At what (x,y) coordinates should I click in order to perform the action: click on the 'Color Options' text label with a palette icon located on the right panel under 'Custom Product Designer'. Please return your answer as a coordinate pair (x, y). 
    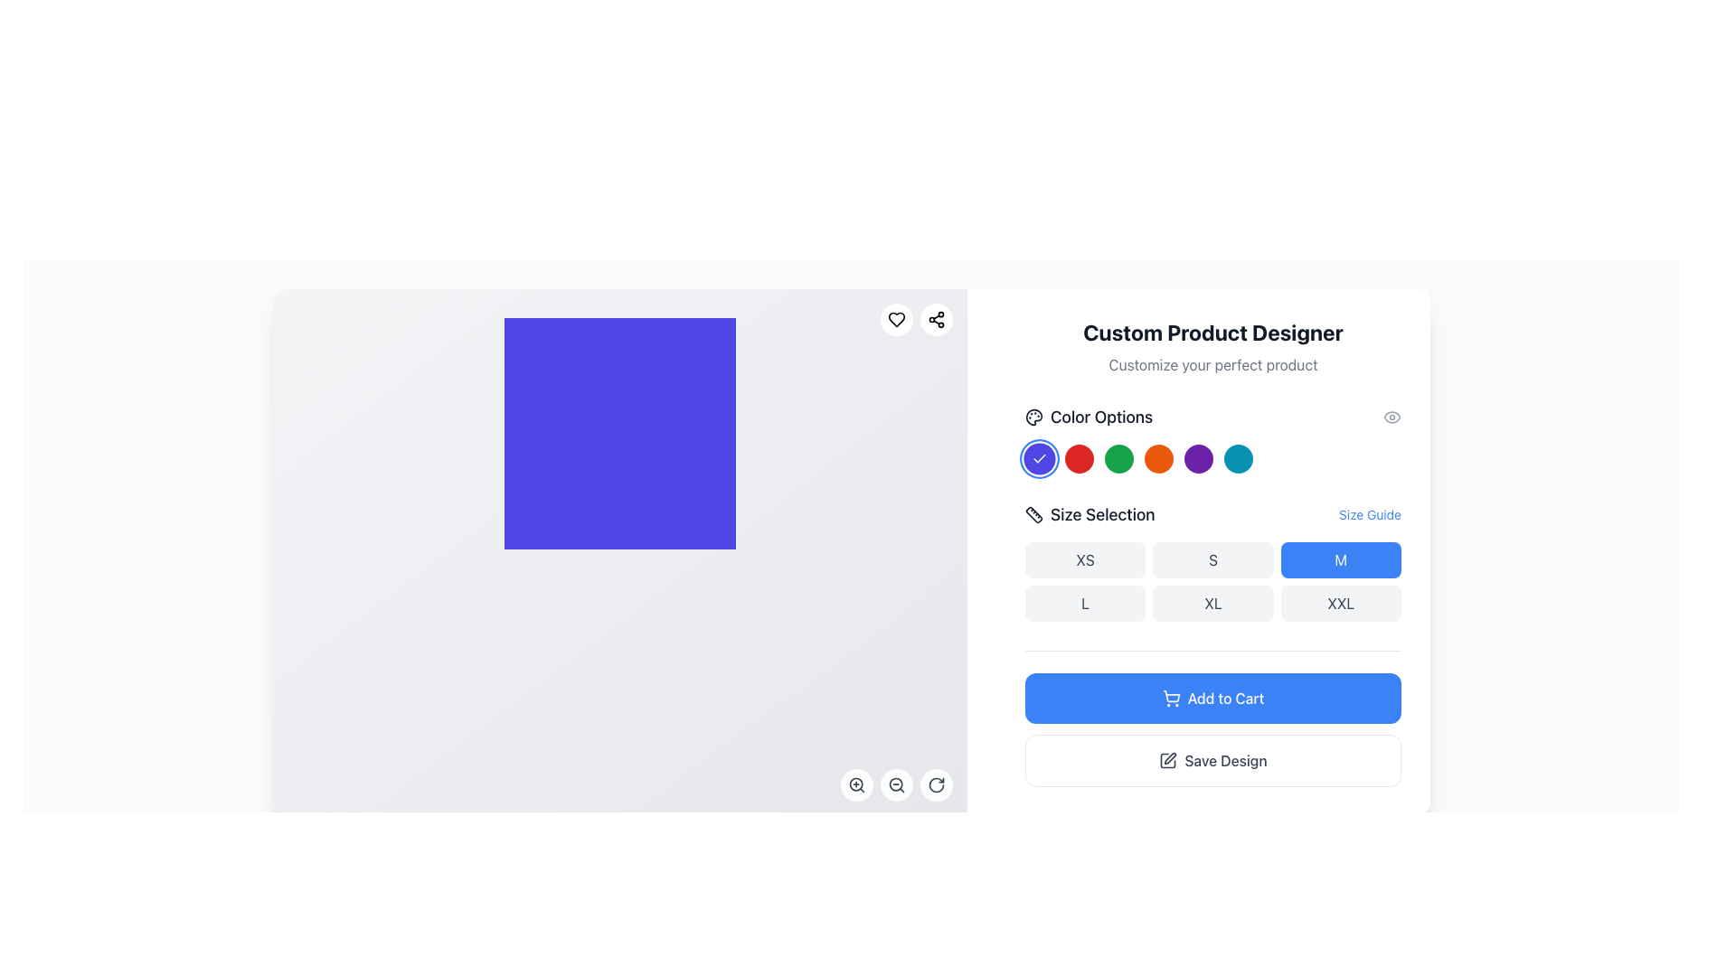
    Looking at the image, I should click on (1088, 418).